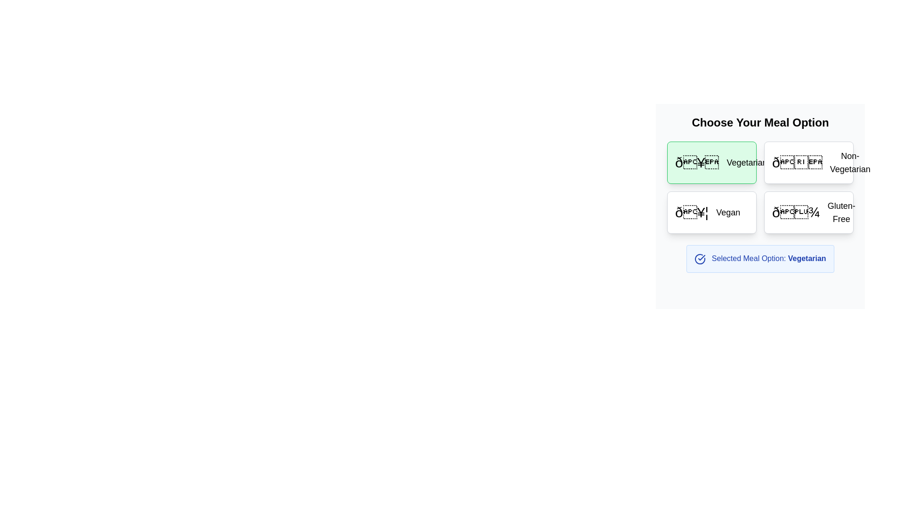 The image size is (904, 508). What do you see at coordinates (760, 122) in the screenshot?
I see `the static text element styled as a header displaying 'Choose Your Meal Option', which is located at the top of the meal options area` at bounding box center [760, 122].